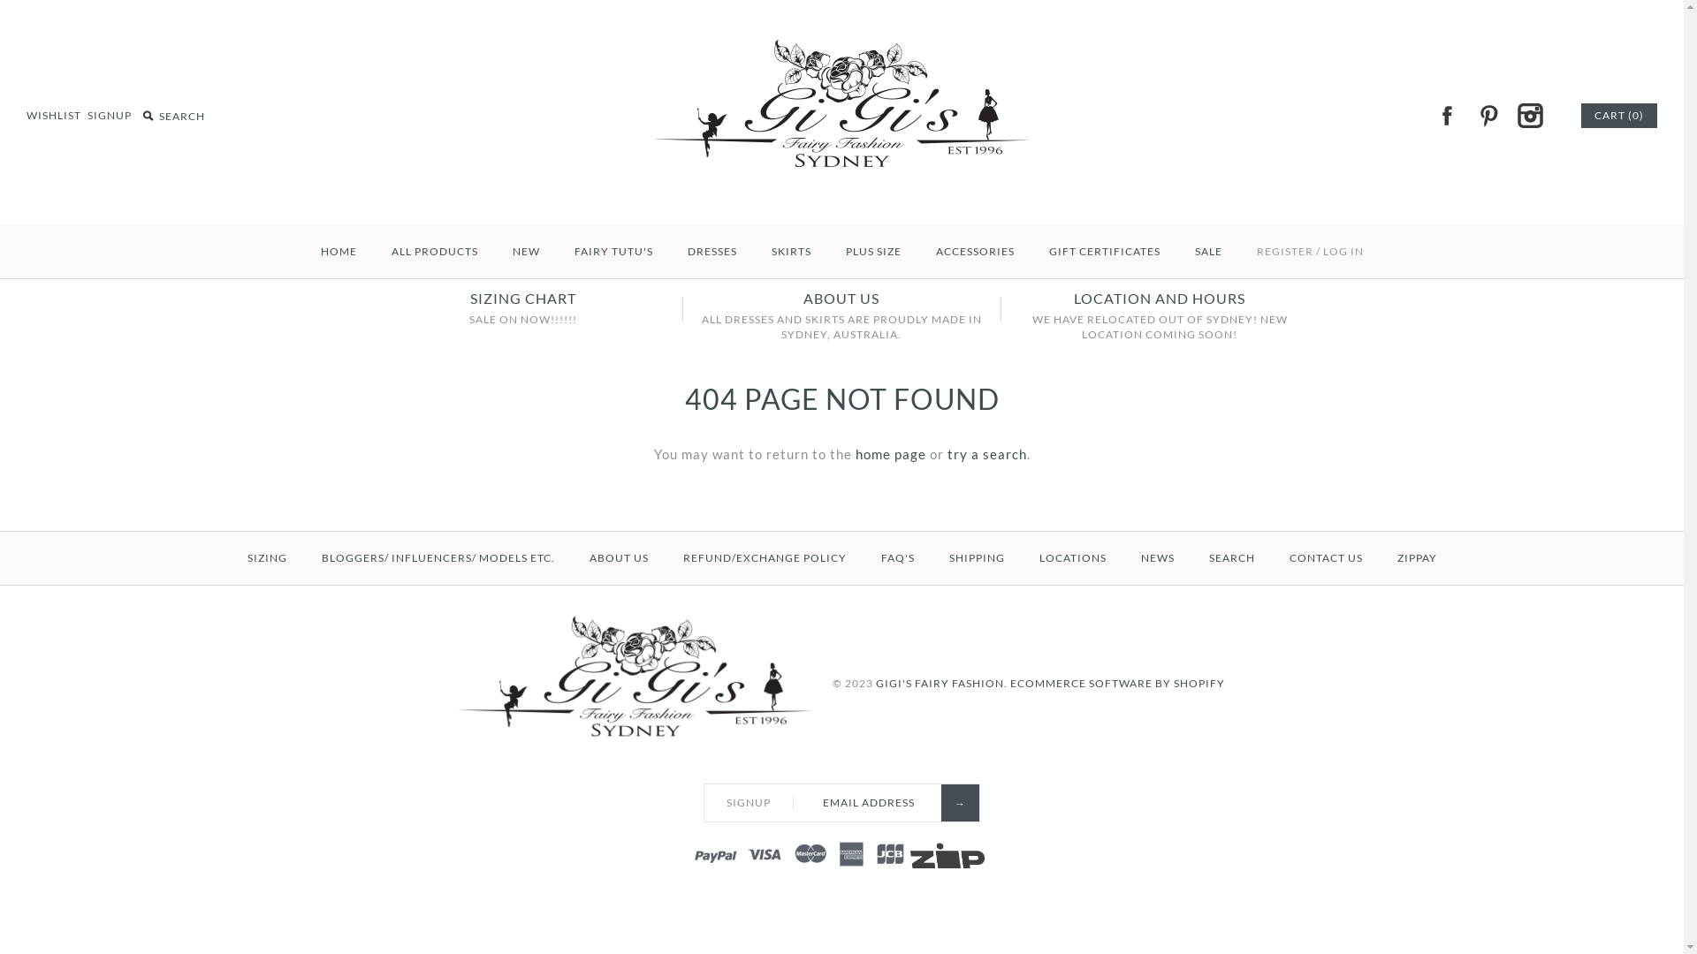 This screenshot has height=954, width=1697. Describe the element at coordinates (1072, 558) in the screenshot. I see `'LOCATIONS'` at that location.